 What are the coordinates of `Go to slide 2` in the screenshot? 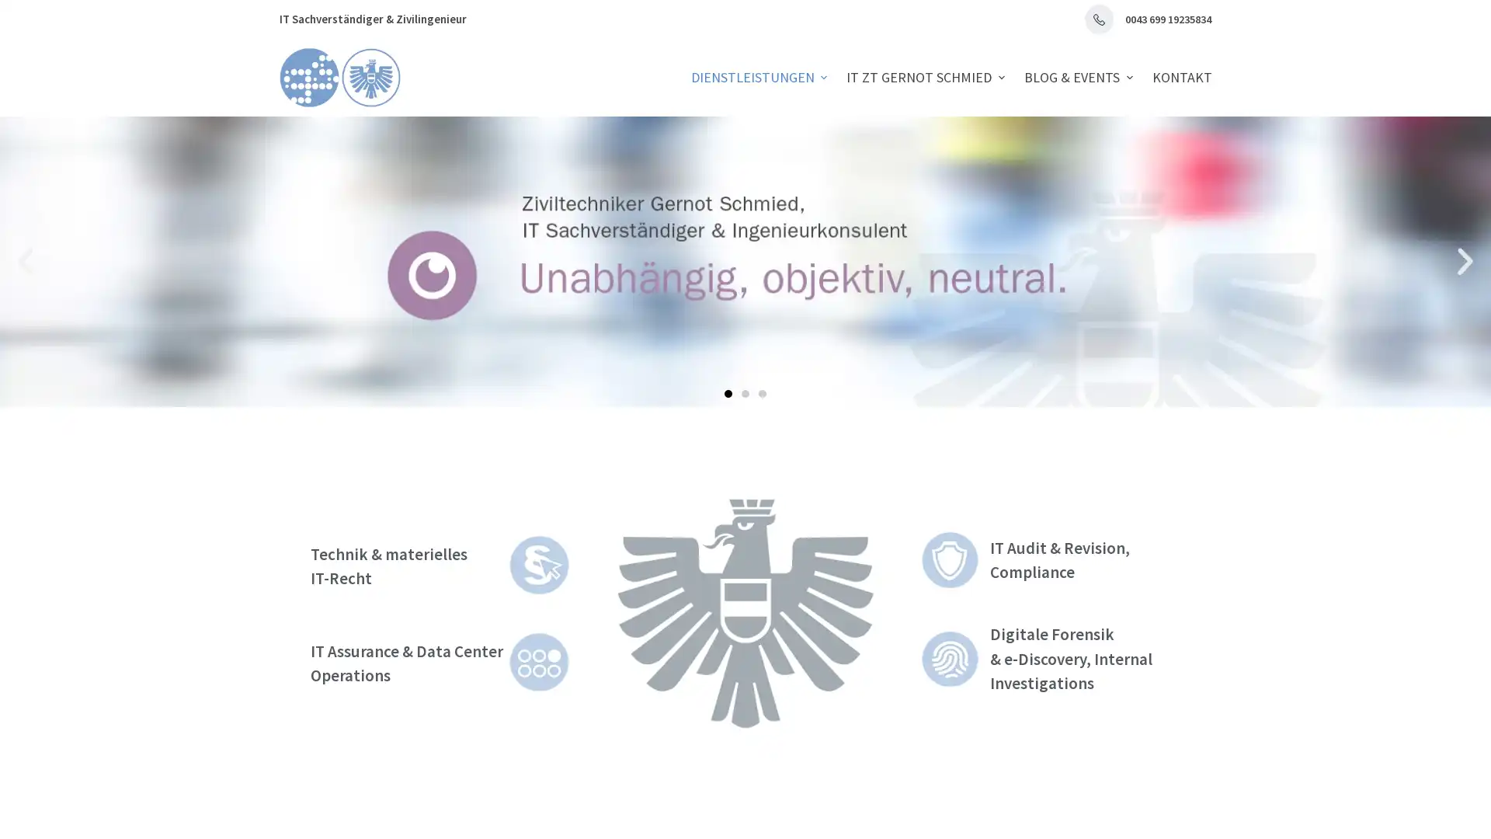 It's located at (745, 392).